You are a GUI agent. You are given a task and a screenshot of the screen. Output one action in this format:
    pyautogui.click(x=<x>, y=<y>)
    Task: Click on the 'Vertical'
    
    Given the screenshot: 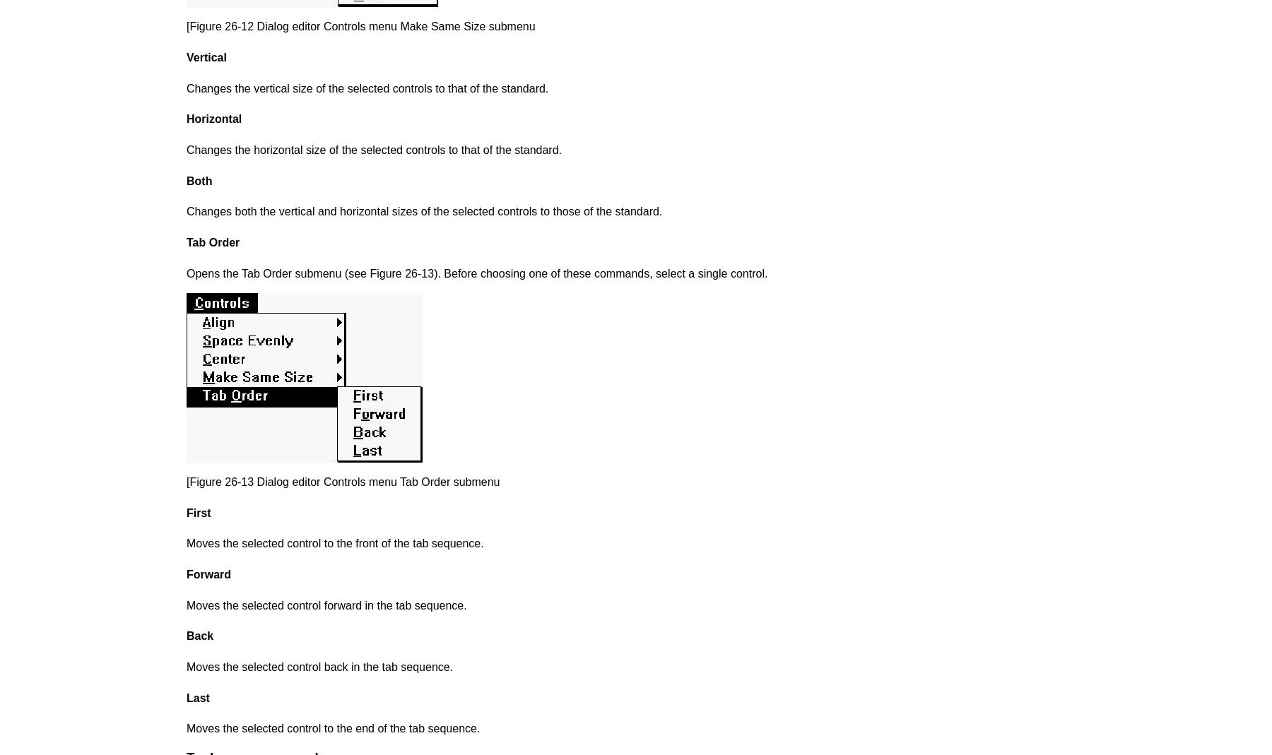 What is the action you would take?
    pyautogui.click(x=205, y=57)
    